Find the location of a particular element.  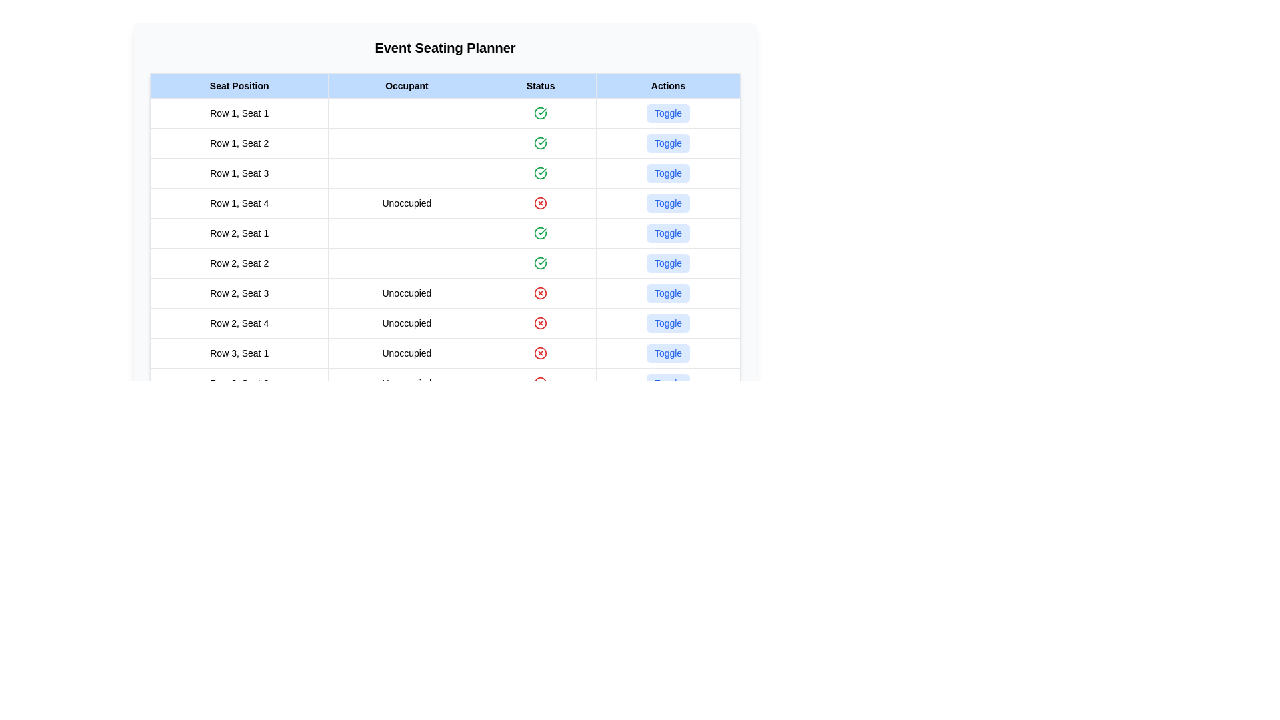

the Table cell representing the 'Occupant' status of Row 3, Seat 2 in the event seating planner is located at coordinates (406, 383).